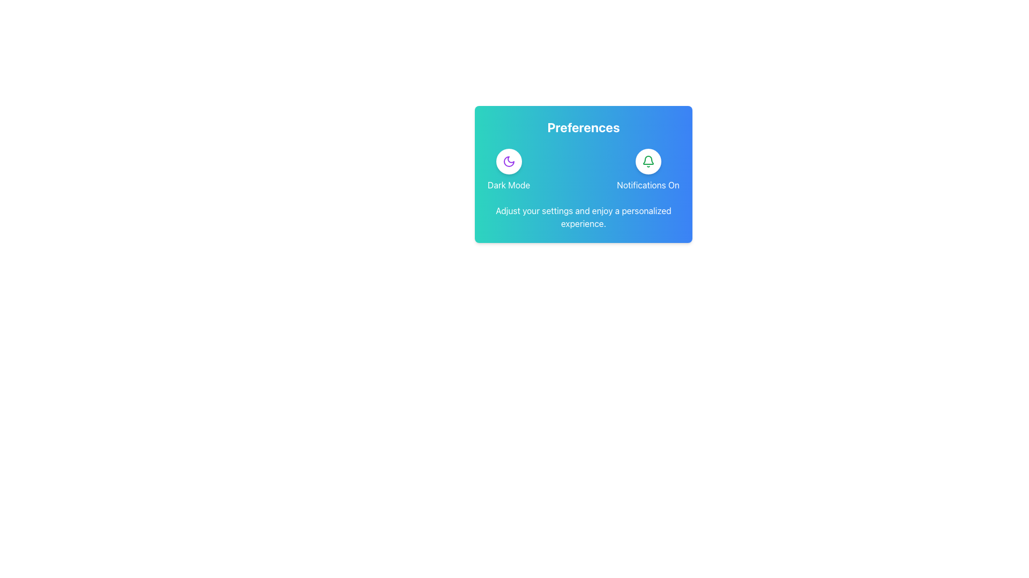 The height and width of the screenshot is (578, 1029). I want to click on the bell icon located within the circular button on the right side of the 'Preferences' section to trigger a tooltip or visual effect, so click(647, 161).